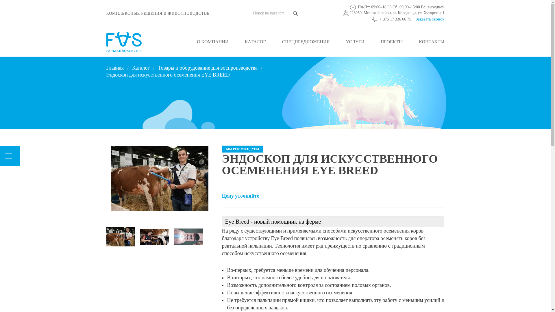  I want to click on '+ 375 17 336 66 75', so click(395, 19).